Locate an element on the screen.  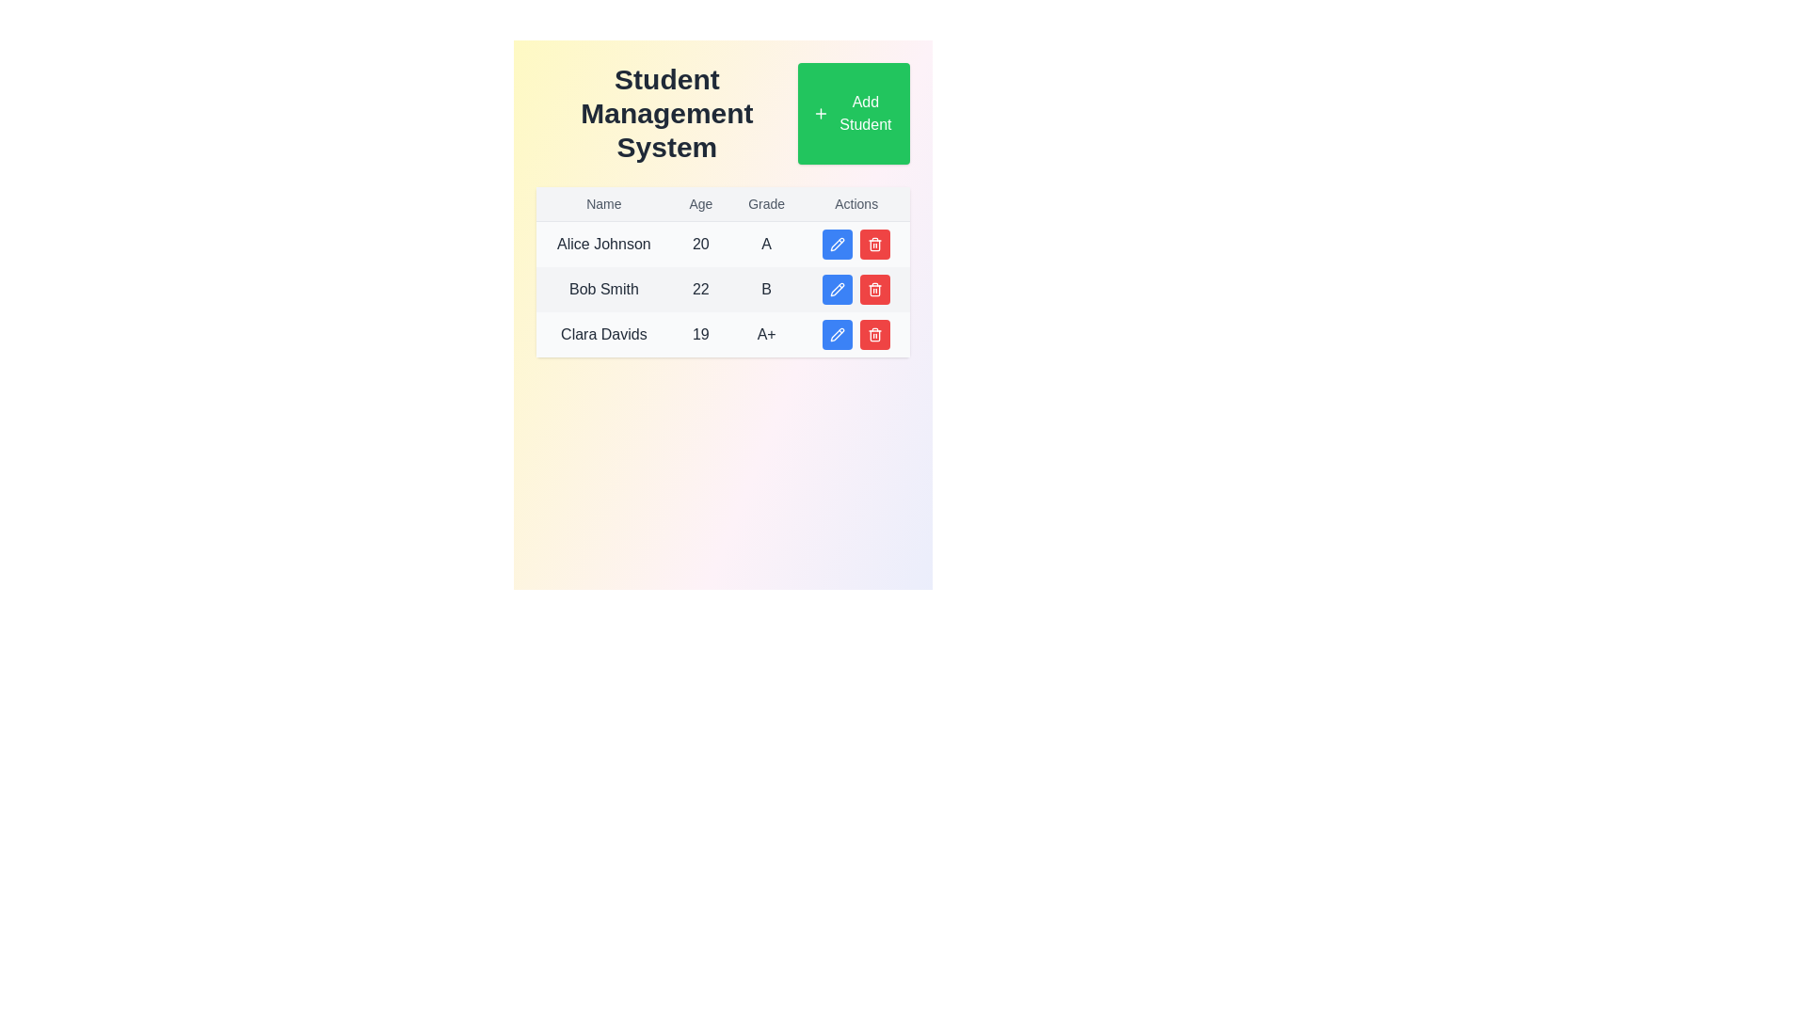
the static text displaying the student's grade in the third row of the table under the 'Grade' column is located at coordinates (766, 333).